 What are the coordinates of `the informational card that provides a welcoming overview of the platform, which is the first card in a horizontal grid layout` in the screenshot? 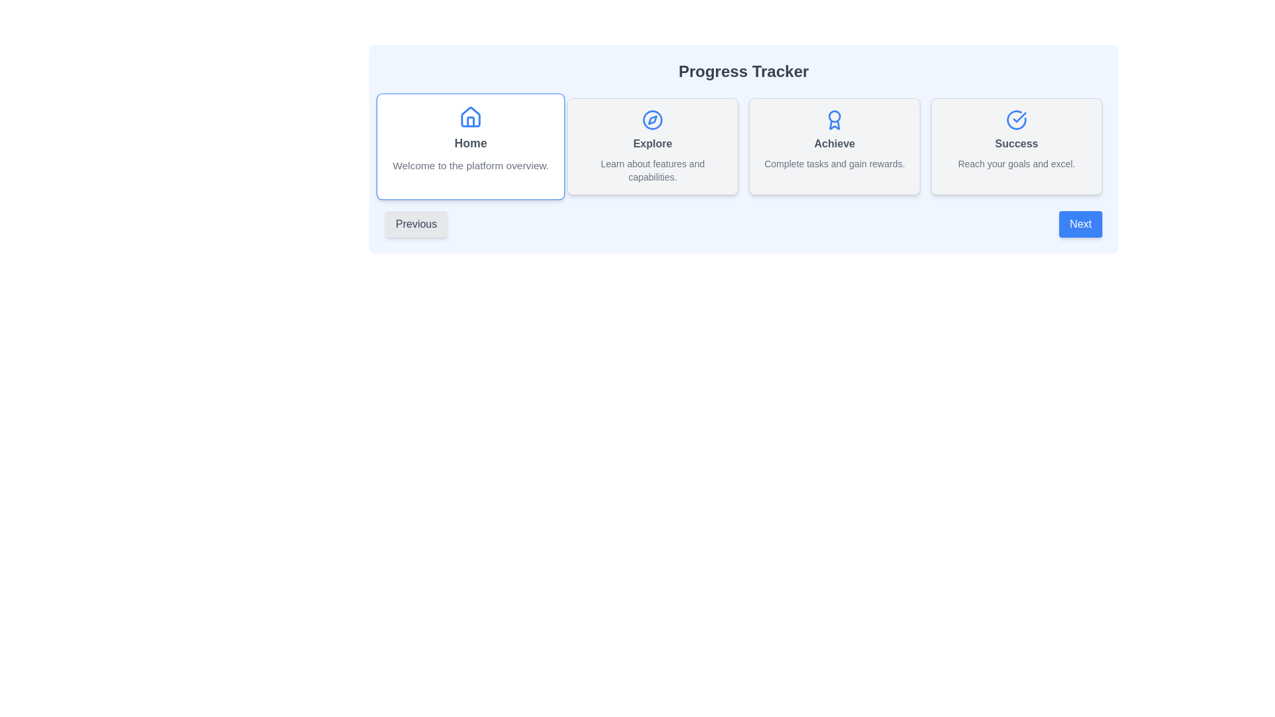 It's located at (471, 145).